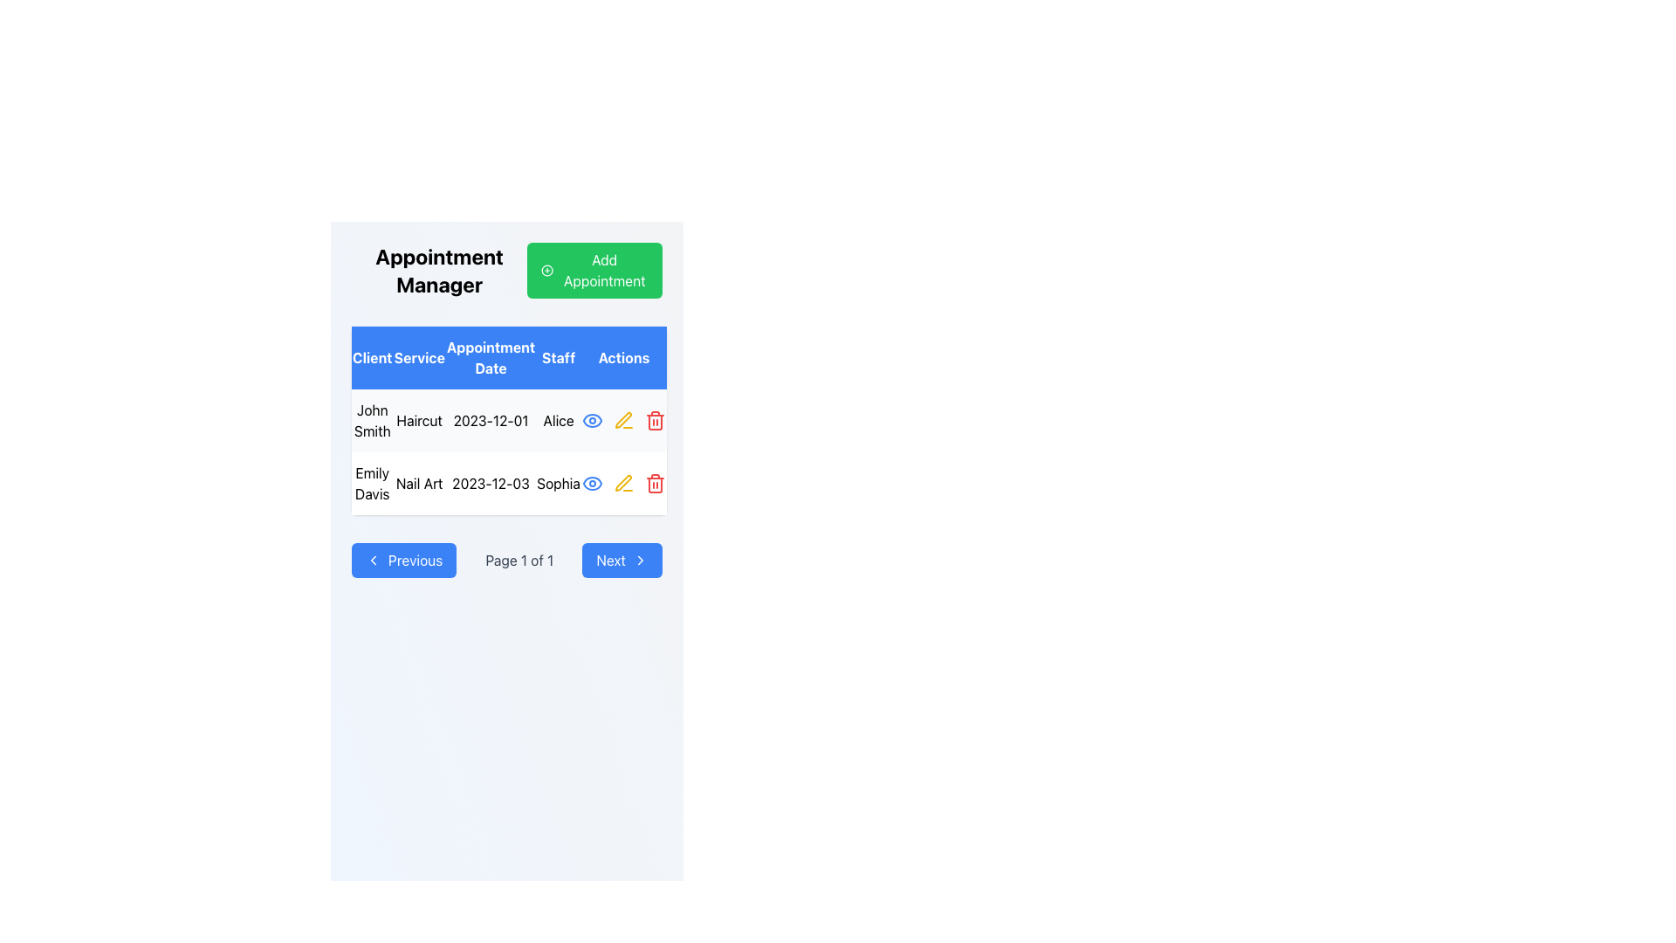  Describe the element at coordinates (640, 560) in the screenshot. I see `the rightward-pointing chevron icon with a blue background, located to the right of the 'Next' text in the bottom-right corner of the interface, to potentially reveal additional functionality` at that location.